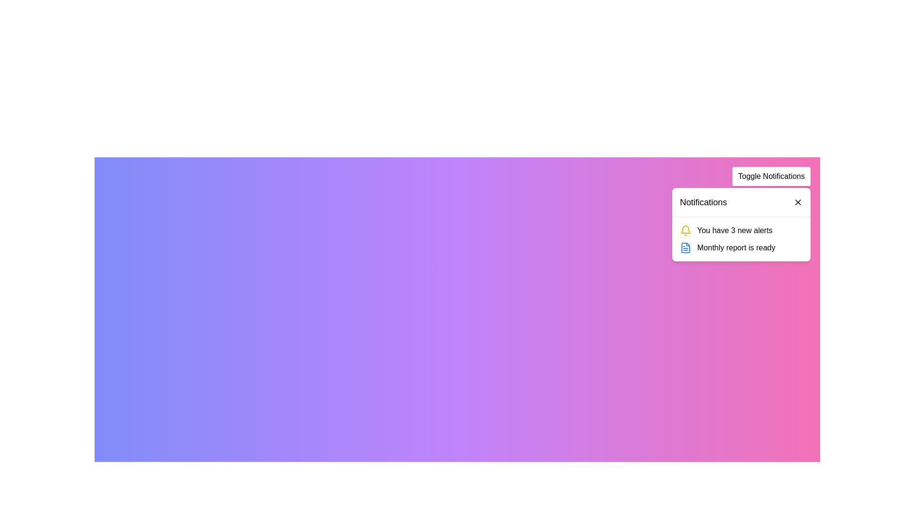 This screenshot has height=518, width=922. What do you see at coordinates (685, 229) in the screenshot?
I see `the bell-shaped notification icon located at the top-right corner of the view, which signifies new or unread updates` at bounding box center [685, 229].